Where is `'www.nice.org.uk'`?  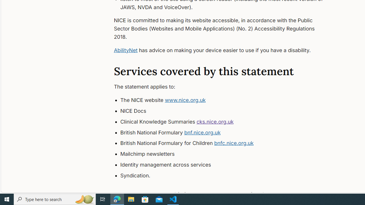
'www.nice.org.uk' is located at coordinates (185, 100).